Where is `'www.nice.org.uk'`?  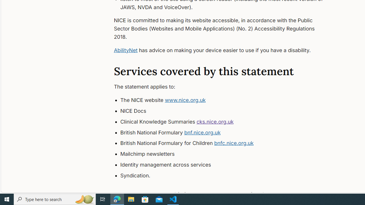
'www.nice.org.uk' is located at coordinates (185, 100).